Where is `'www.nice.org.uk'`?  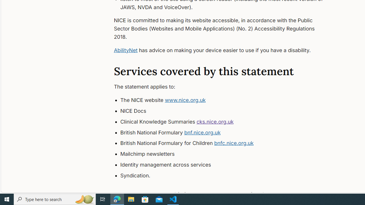
'www.nice.org.uk' is located at coordinates (185, 100).